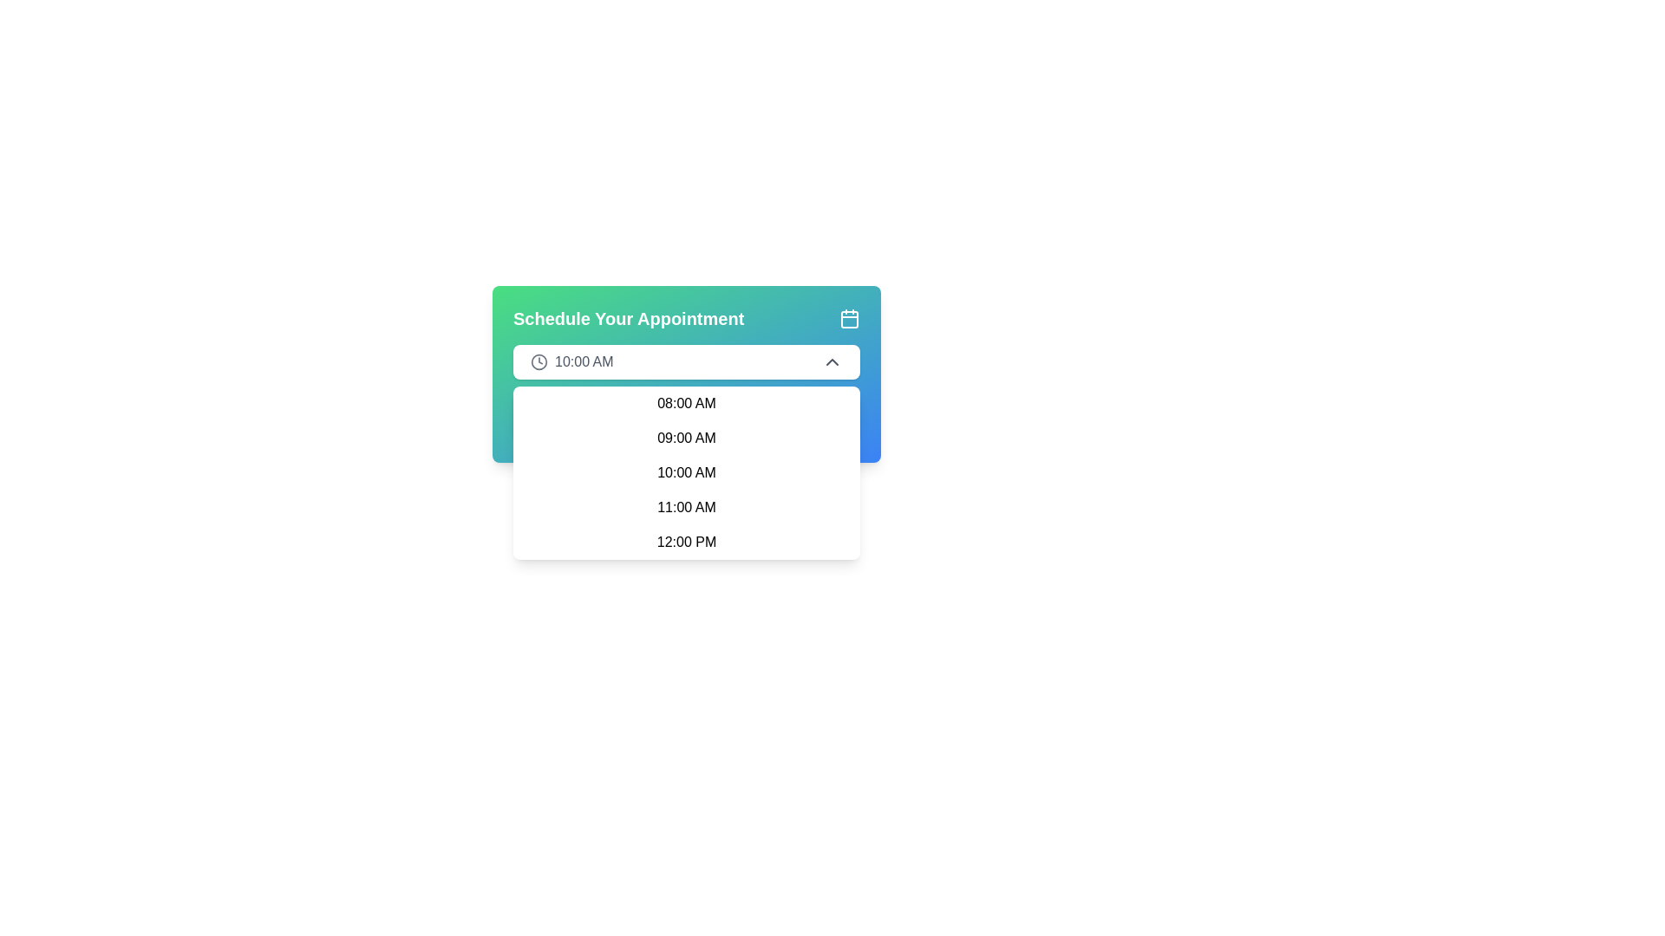 The height and width of the screenshot is (936, 1665). Describe the element at coordinates (686, 507) in the screenshot. I see `the selectable time option '11:00 AM' in the dropdown menu` at that location.